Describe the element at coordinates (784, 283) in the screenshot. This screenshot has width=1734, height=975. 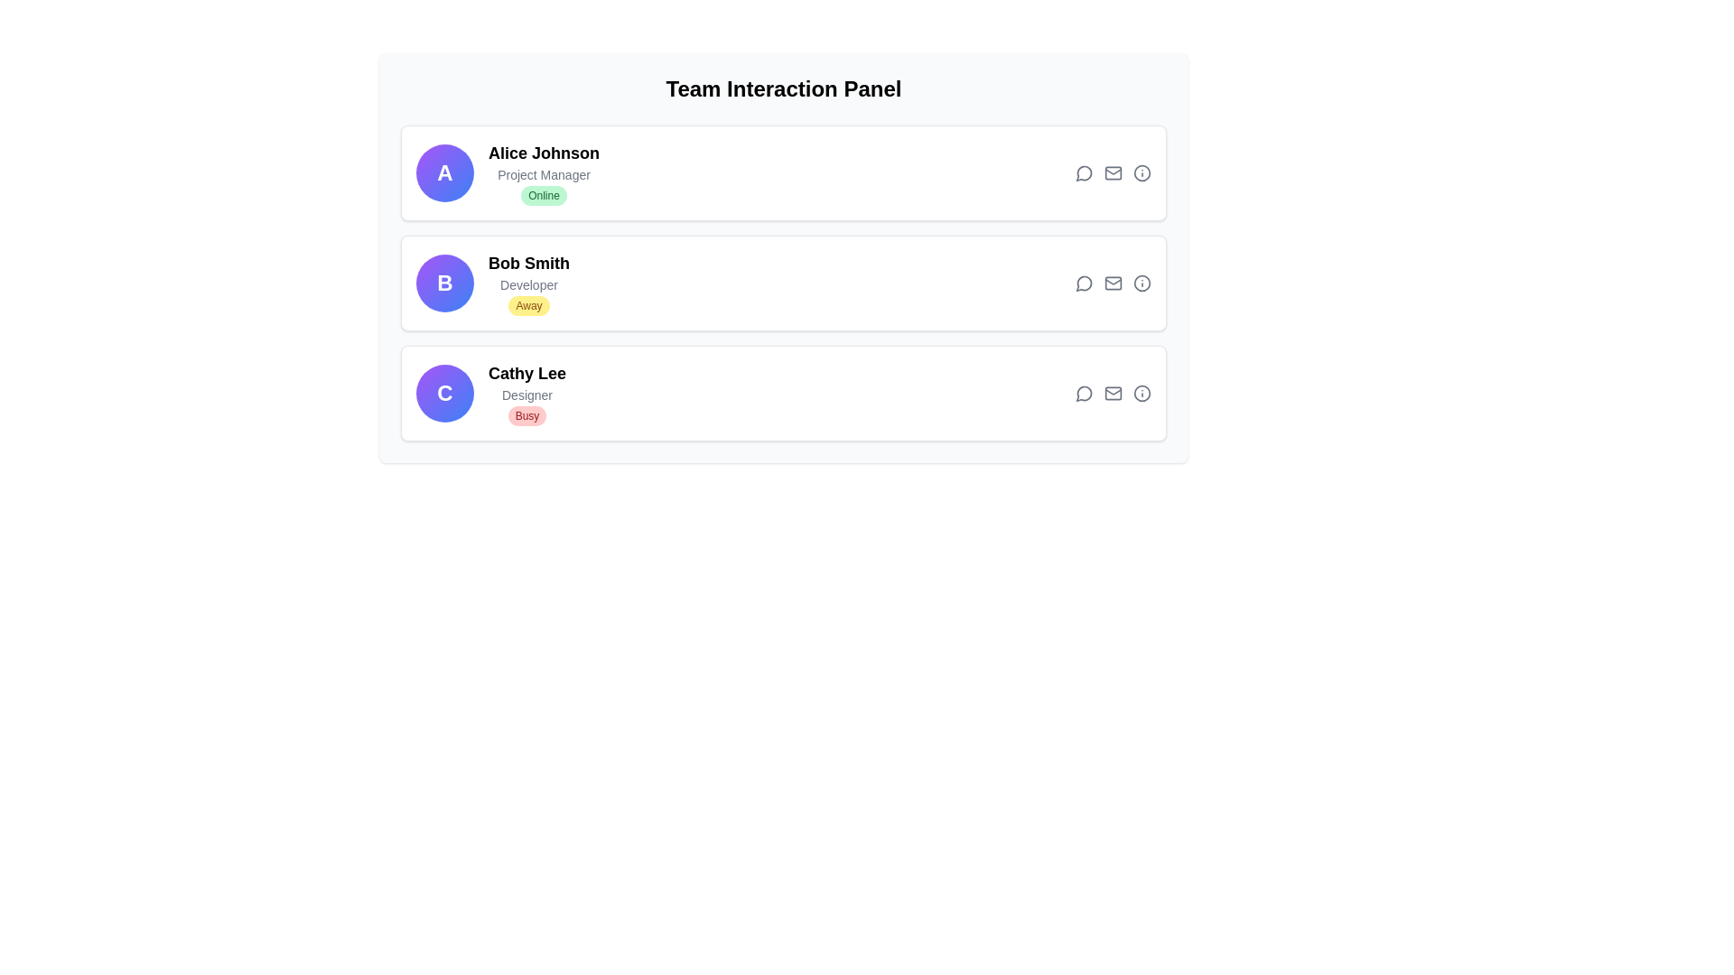
I see `the second contact card for 'Bob Smith' in the Team Interaction Panel` at that location.